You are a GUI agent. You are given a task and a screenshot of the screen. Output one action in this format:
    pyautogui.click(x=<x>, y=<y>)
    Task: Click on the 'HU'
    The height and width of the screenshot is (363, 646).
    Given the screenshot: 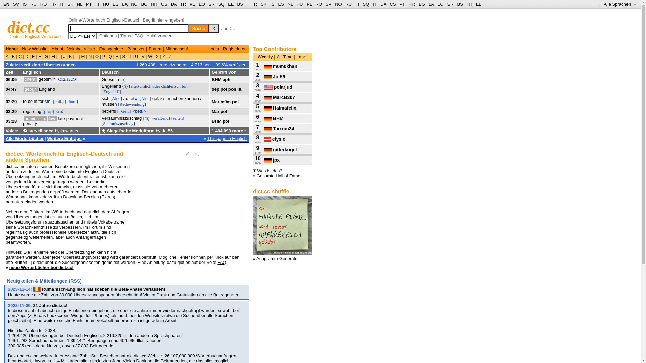 What is the action you would take?
    pyautogui.click(x=102, y=4)
    